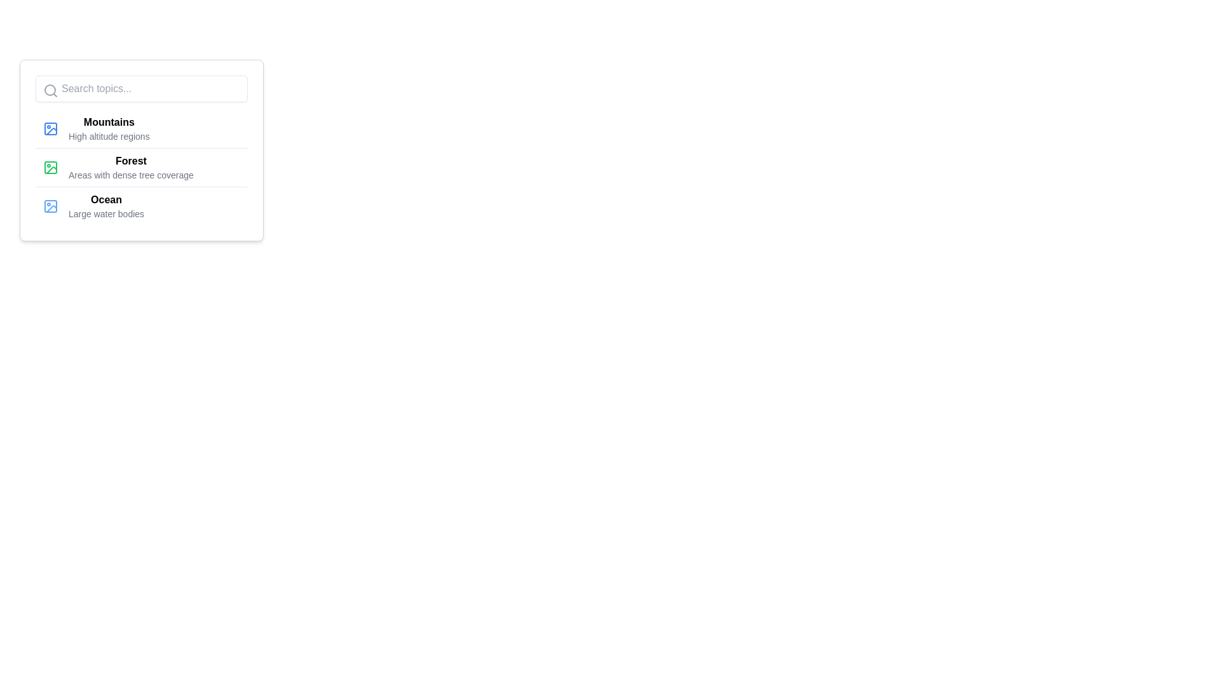 The height and width of the screenshot is (686, 1220). I want to click on the list item labeled 'Forest' with the subtitle 'Areas with dense tree coverage', so click(141, 166).